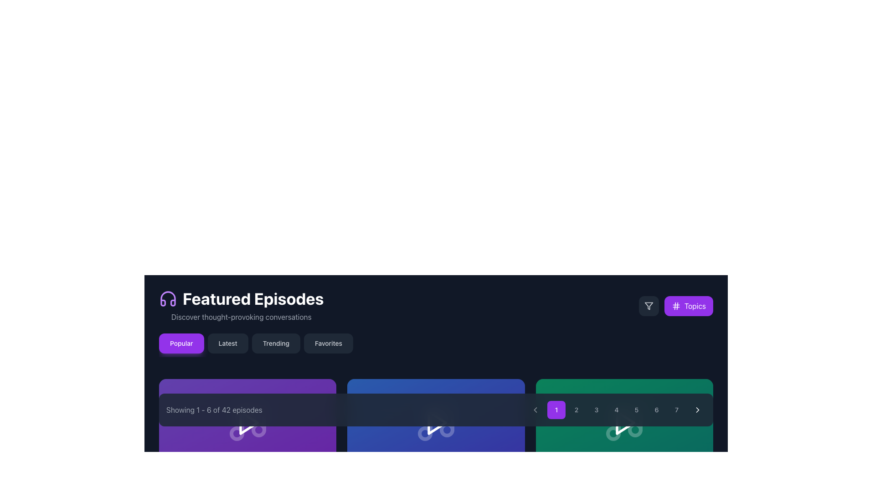 The image size is (875, 492). I want to click on the filter icon located in the top-right corner of the interface, so click(648, 306).